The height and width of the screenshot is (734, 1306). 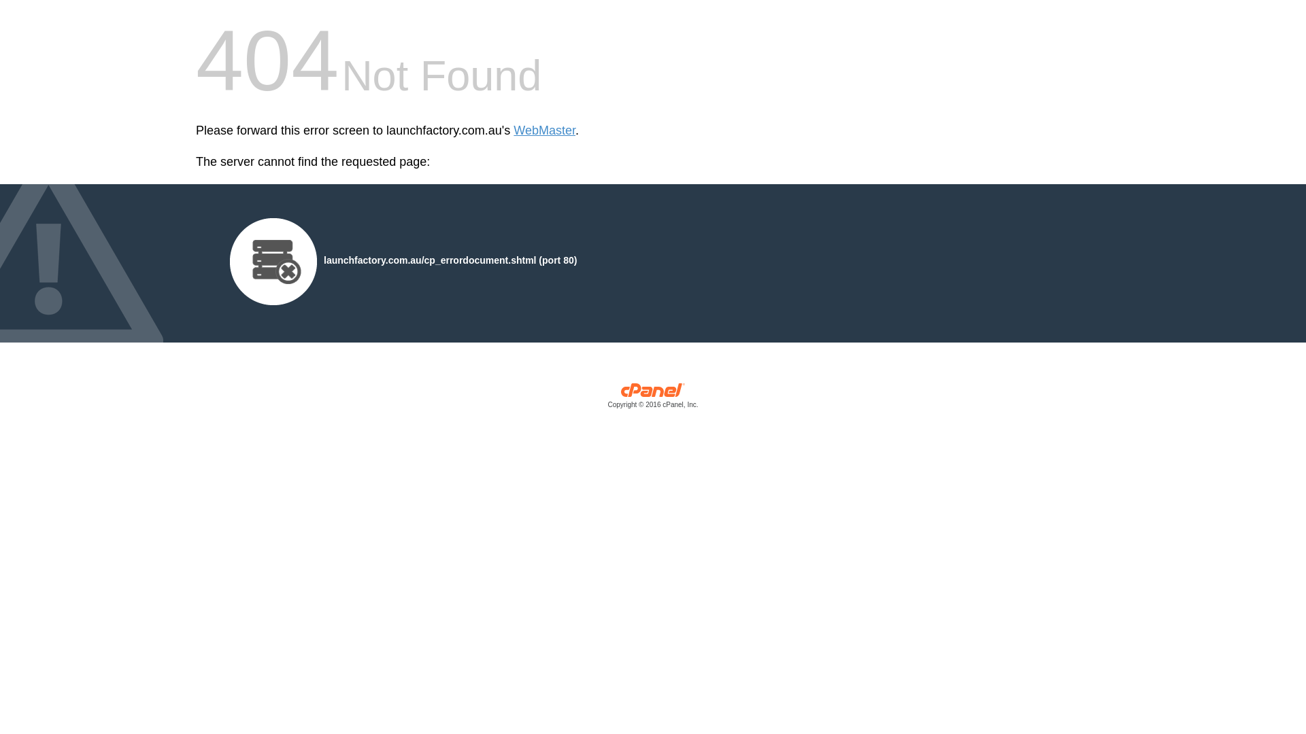 I want to click on 'WebMaster', so click(x=544, y=130).